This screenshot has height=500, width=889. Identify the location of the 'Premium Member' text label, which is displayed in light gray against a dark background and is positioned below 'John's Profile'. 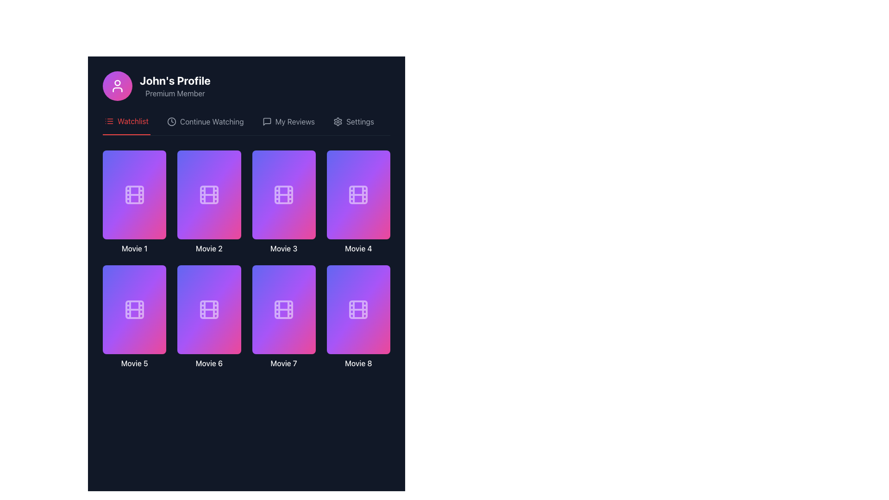
(175, 93).